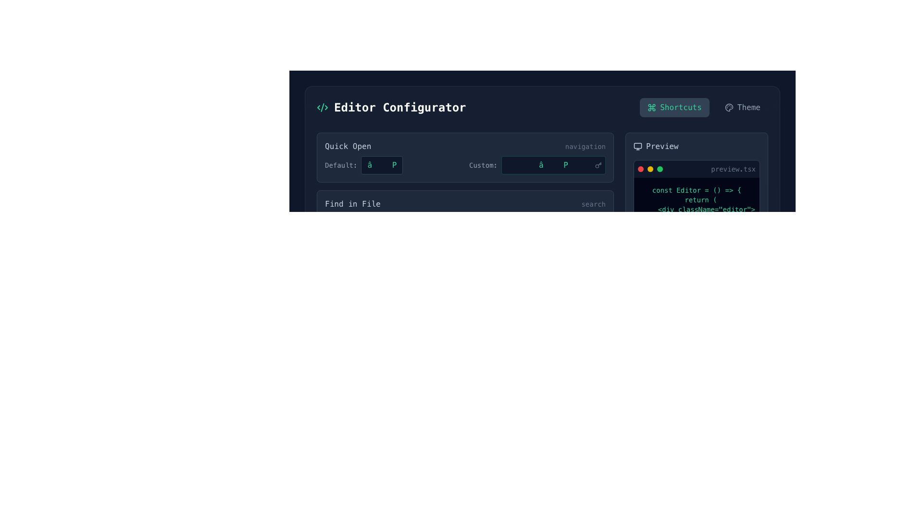 The image size is (923, 519). I want to click on the decorative element within the 'Shortcuts' button, which is located near the upper-right corner adjacent to the 'Theme' button, so click(652, 107).